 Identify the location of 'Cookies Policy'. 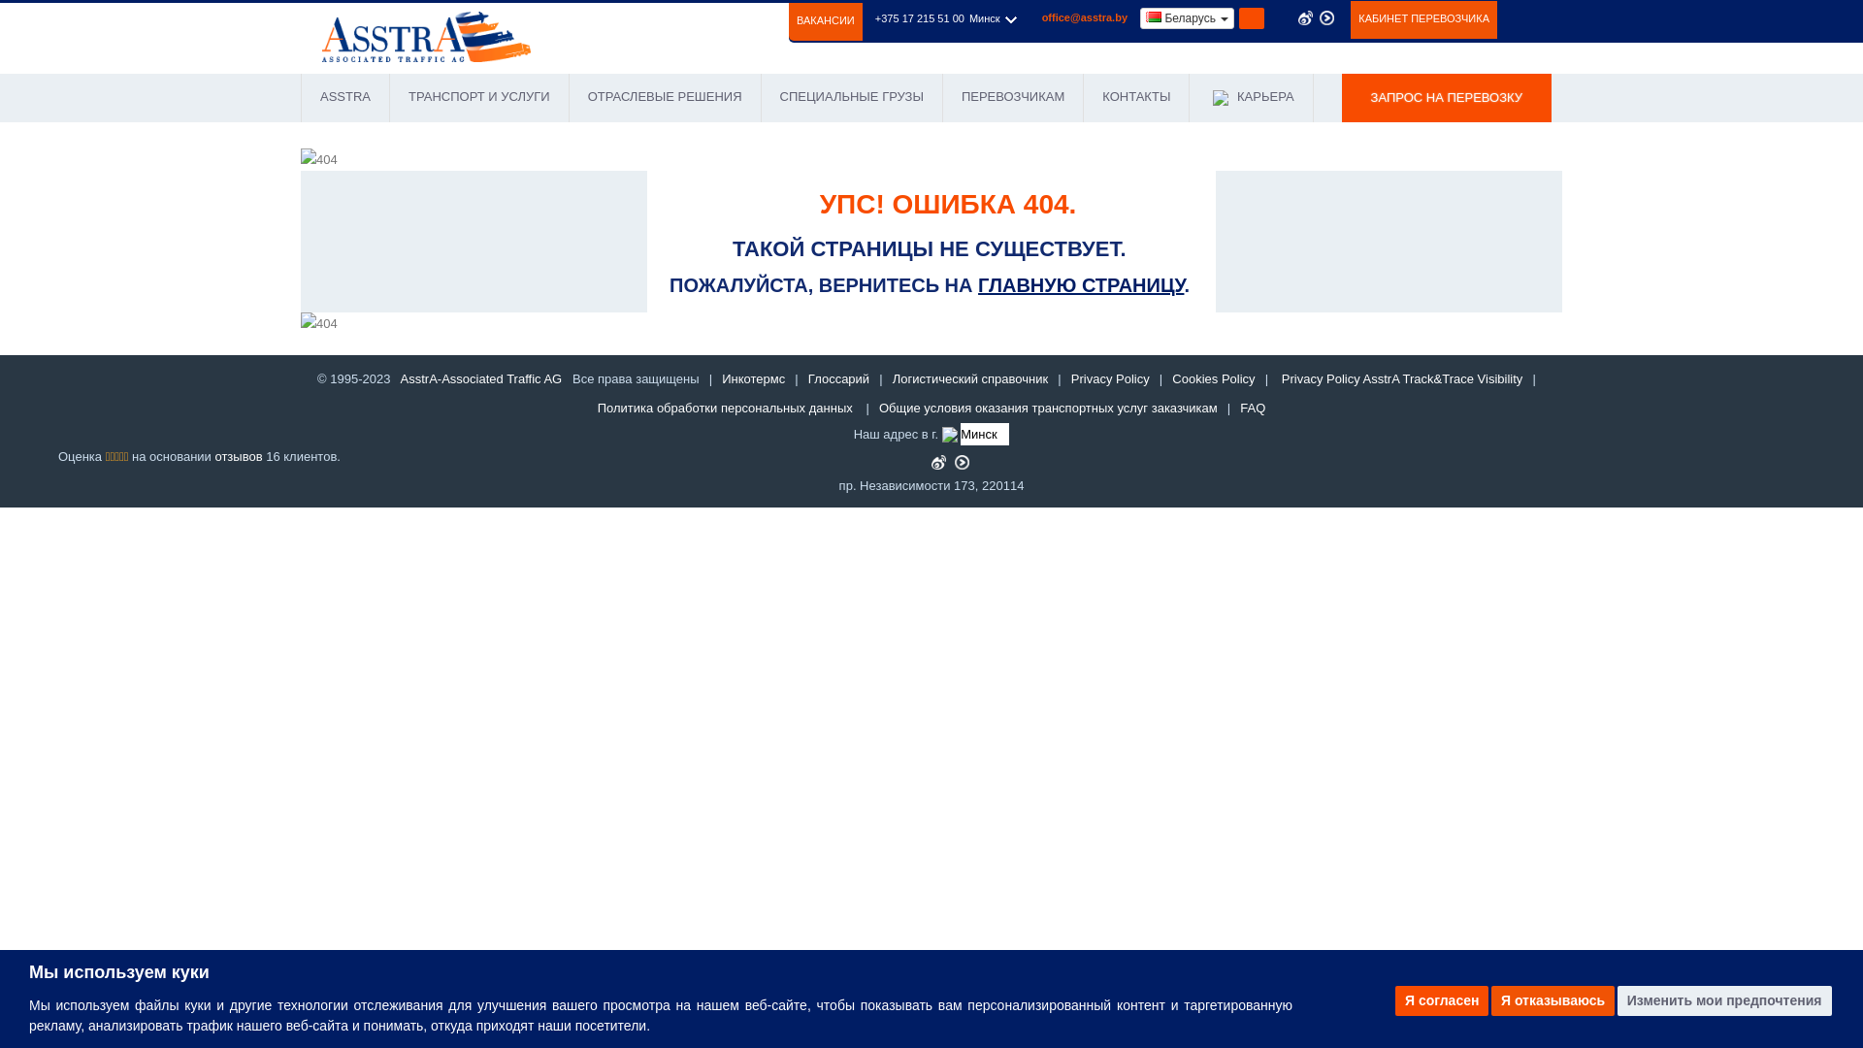
(1212, 378).